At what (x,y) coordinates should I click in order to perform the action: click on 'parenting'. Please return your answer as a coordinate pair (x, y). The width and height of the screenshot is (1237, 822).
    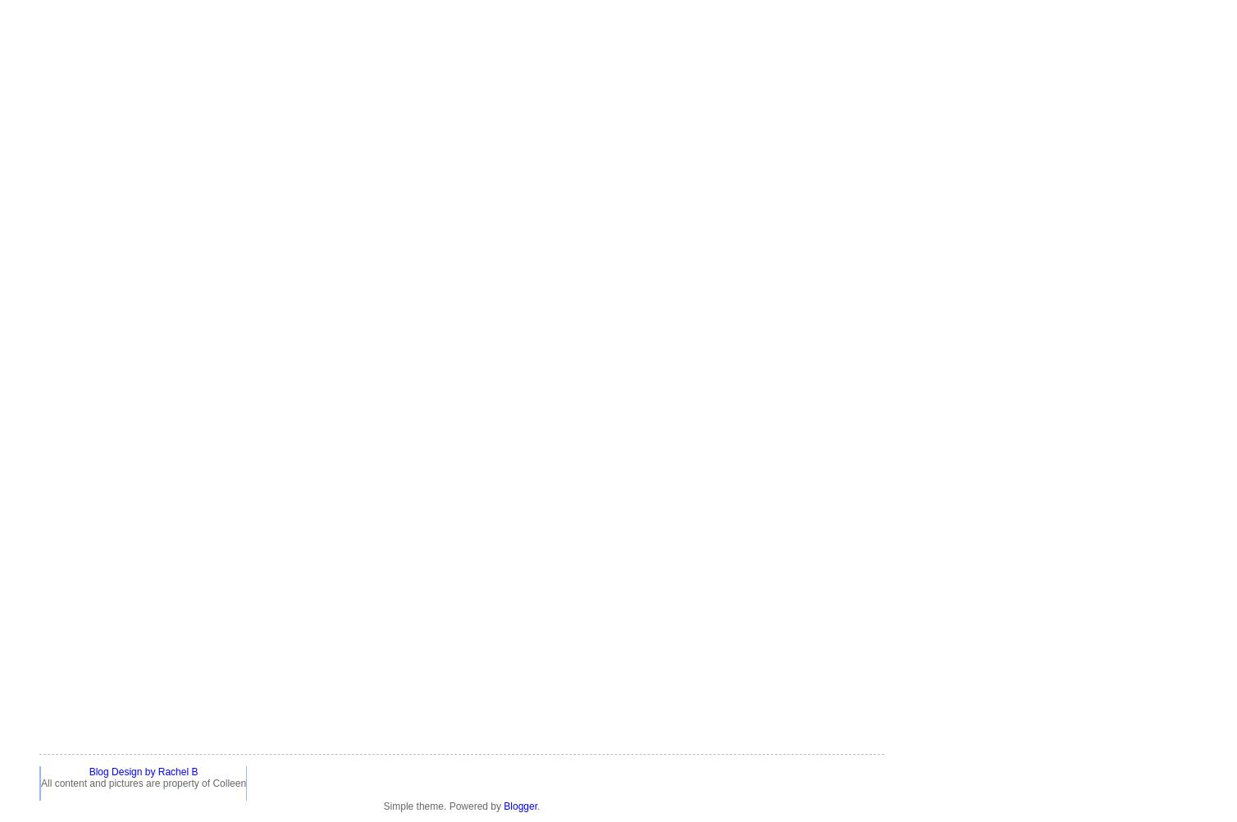
    Looking at the image, I should click on (59, 373).